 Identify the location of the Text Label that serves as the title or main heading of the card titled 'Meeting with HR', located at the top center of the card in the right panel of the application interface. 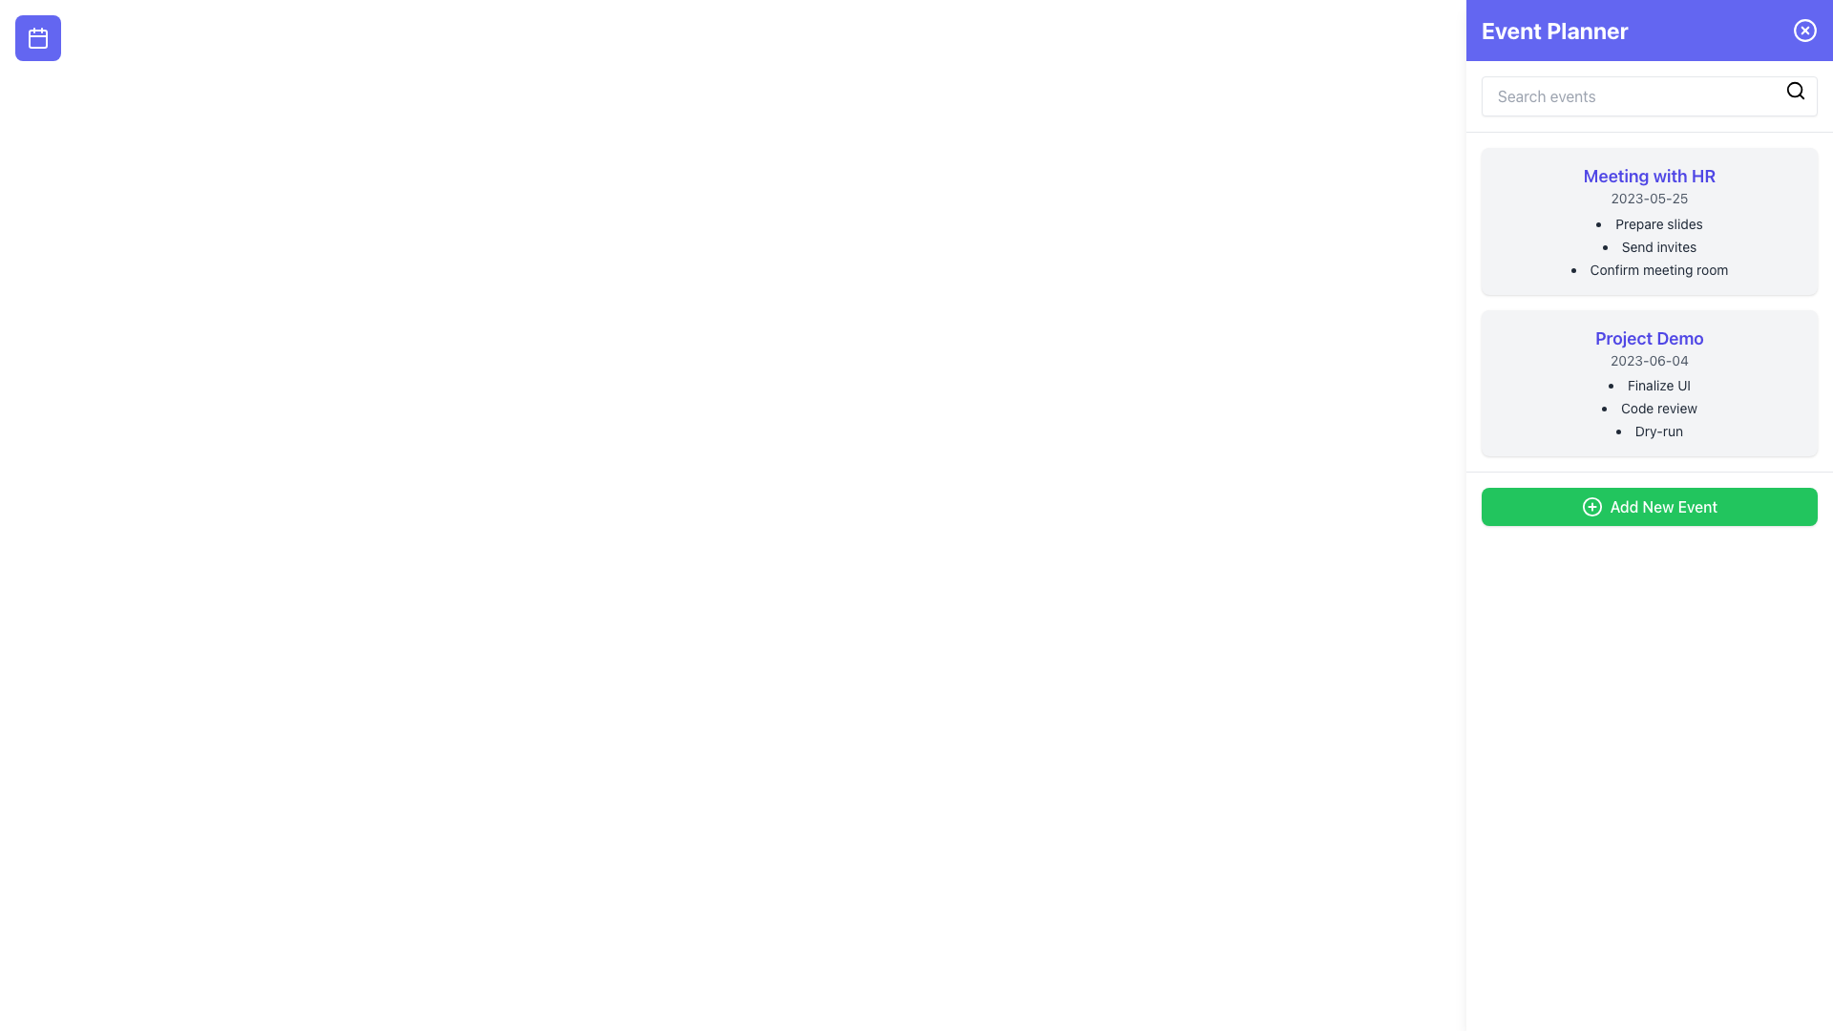
(1649, 177).